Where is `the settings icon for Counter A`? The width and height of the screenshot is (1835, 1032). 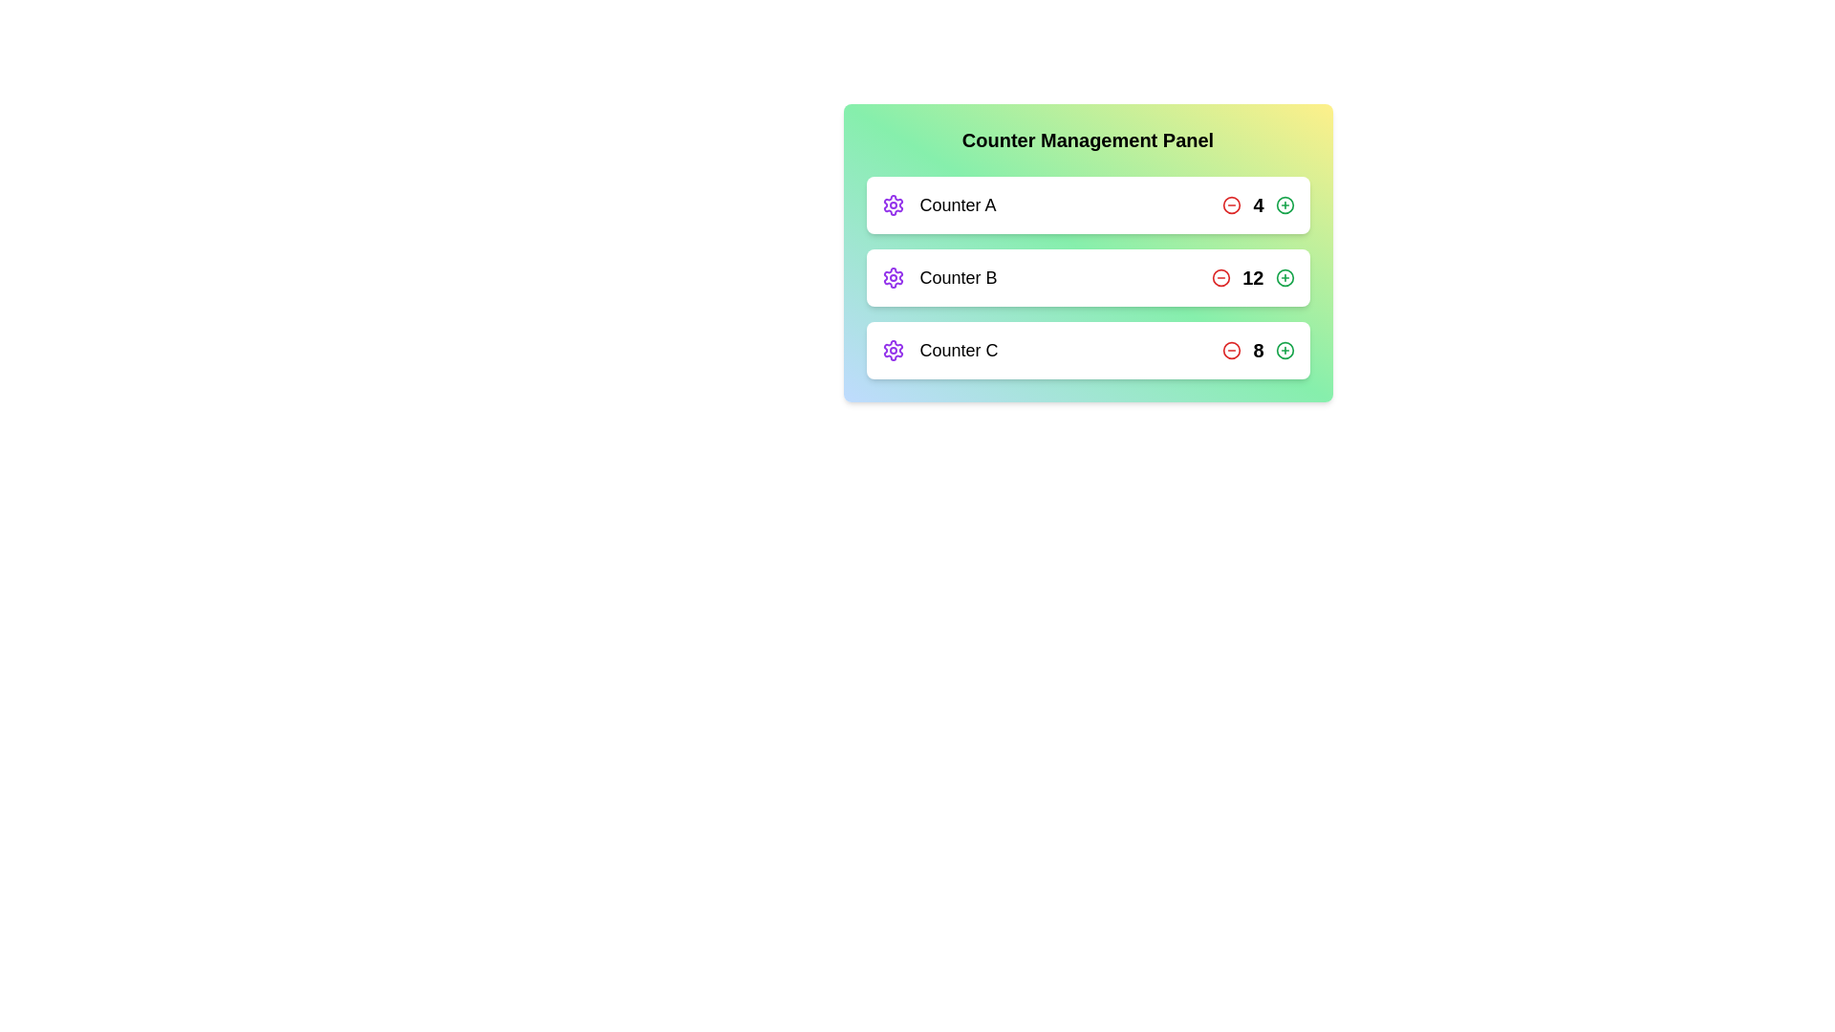
the settings icon for Counter A is located at coordinates (892, 205).